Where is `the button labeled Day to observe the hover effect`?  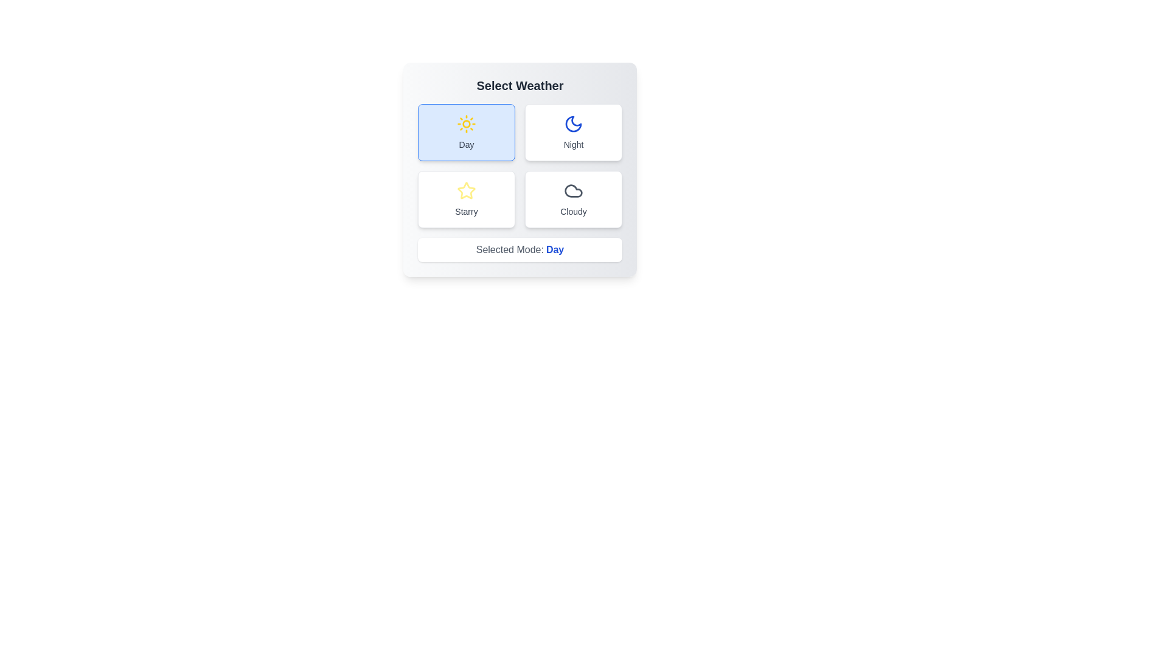 the button labeled Day to observe the hover effect is located at coordinates (466, 133).